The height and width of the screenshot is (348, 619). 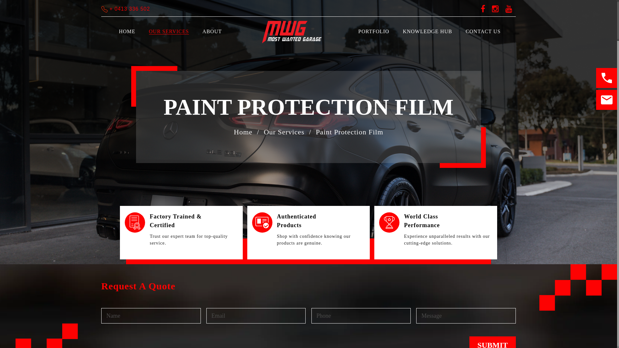 I want to click on 'CONTACT US', so click(x=483, y=31).